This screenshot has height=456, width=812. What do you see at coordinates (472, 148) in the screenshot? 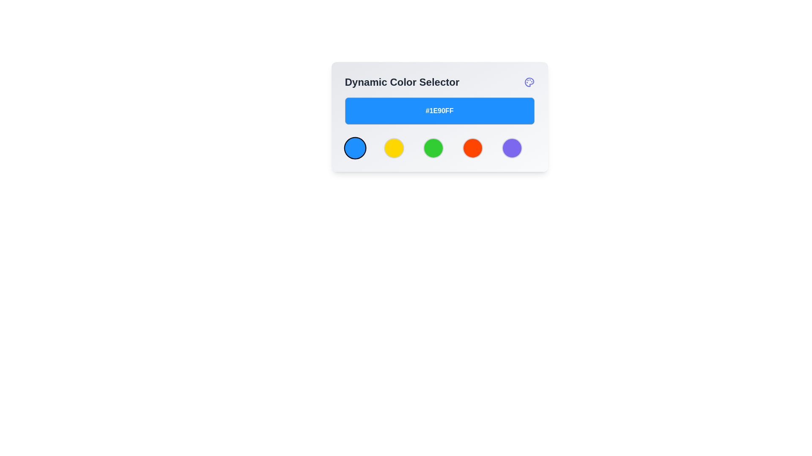
I see `the vibrant red circular button located centrally in the grid of five buttons` at bounding box center [472, 148].